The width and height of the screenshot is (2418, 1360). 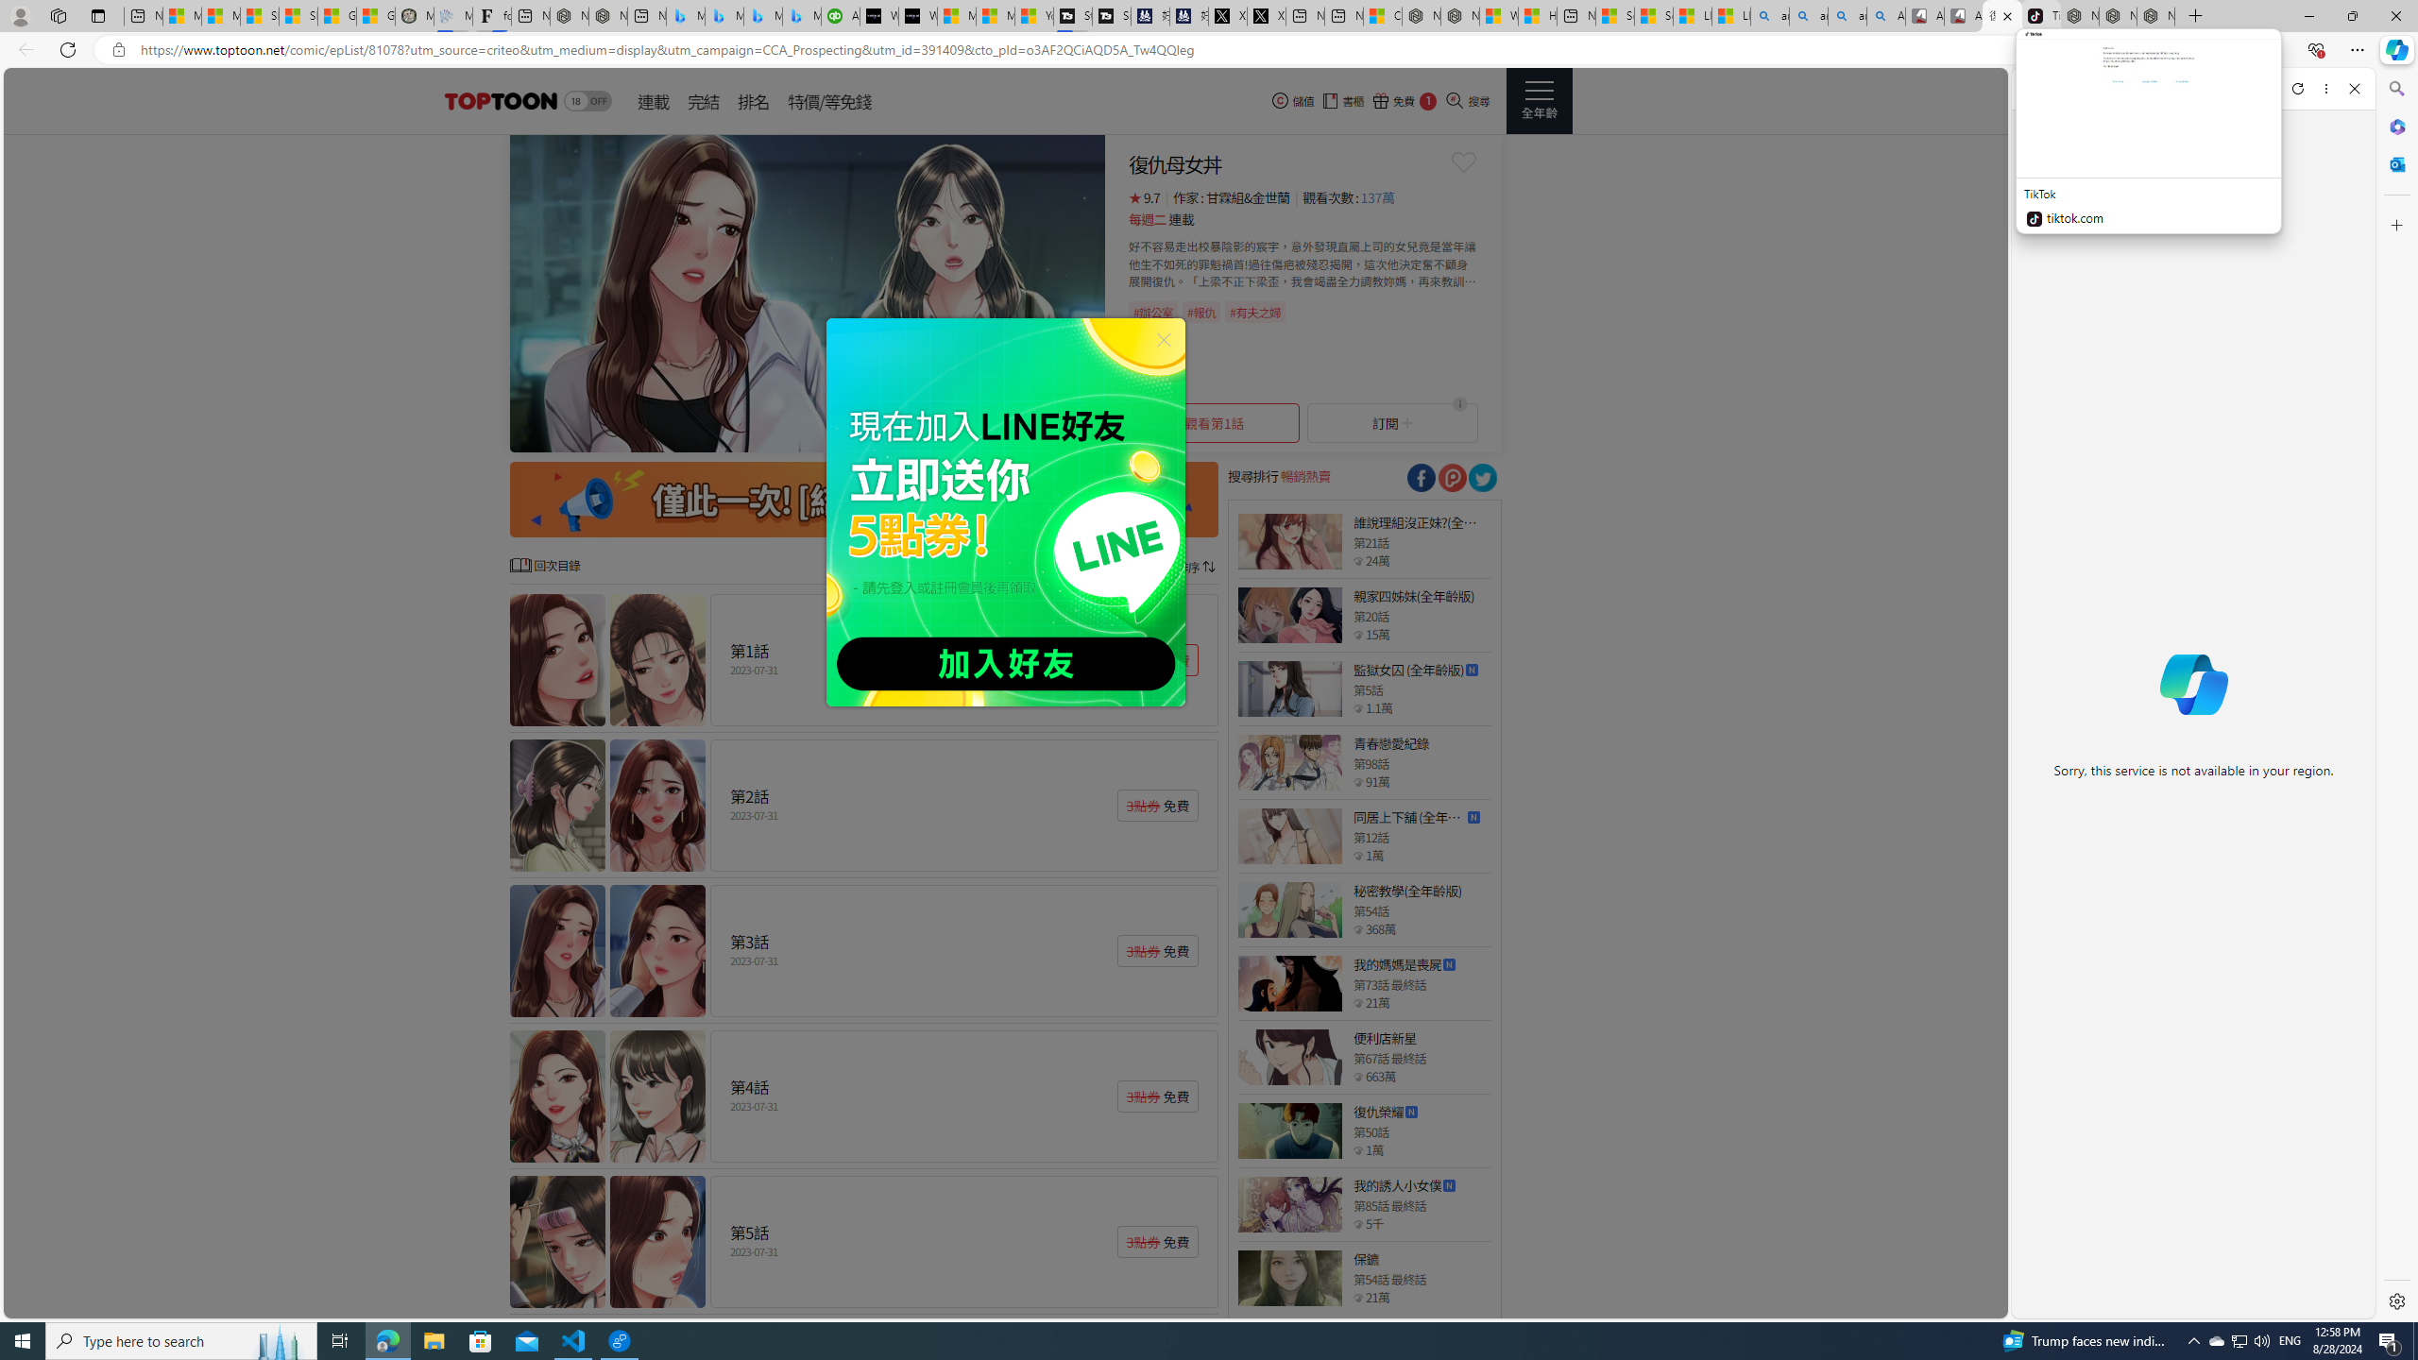 I want to click on 'Side bar', so click(x=2396, y=694).